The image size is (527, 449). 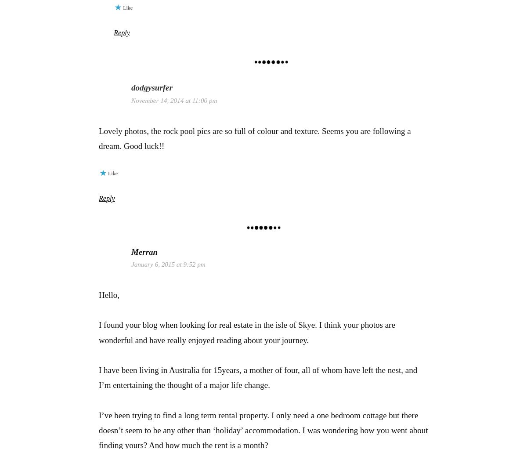 I want to click on 'Merran', so click(x=144, y=251).